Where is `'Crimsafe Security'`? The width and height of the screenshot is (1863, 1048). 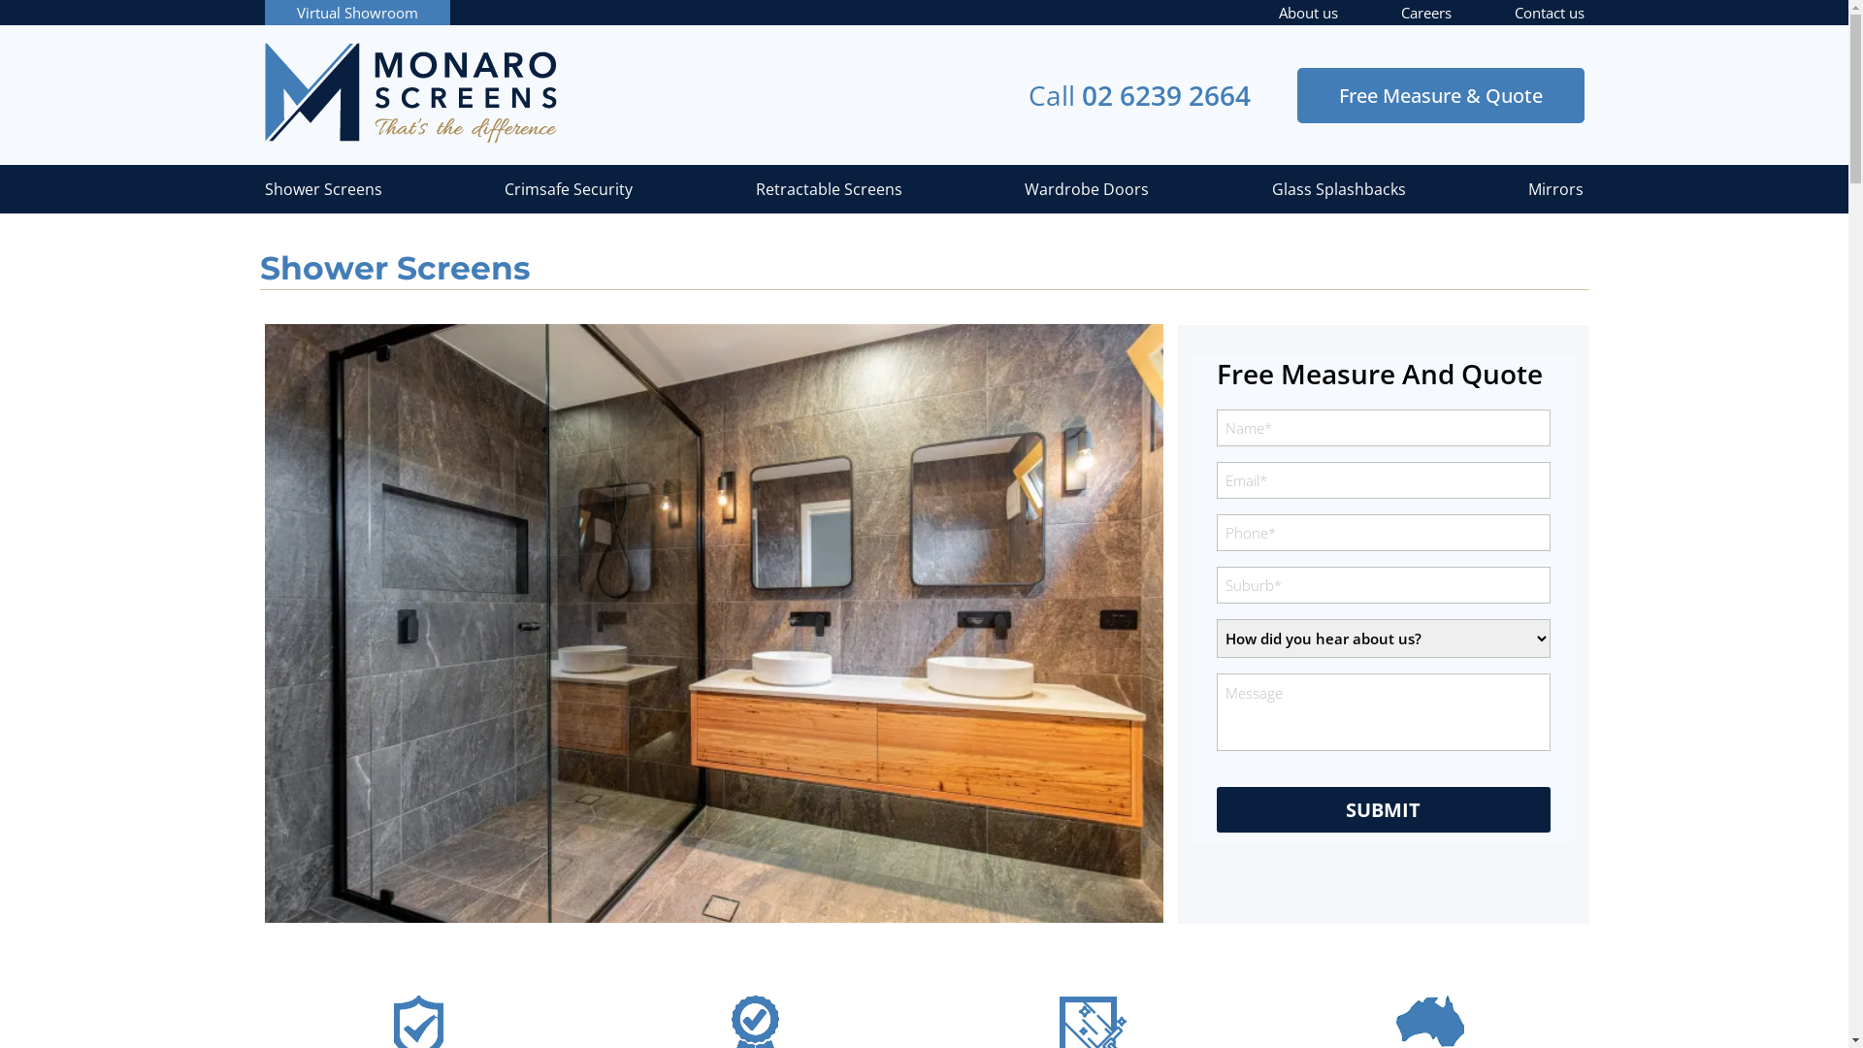 'Crimsafe Security' is located at coordinates (567, 189).